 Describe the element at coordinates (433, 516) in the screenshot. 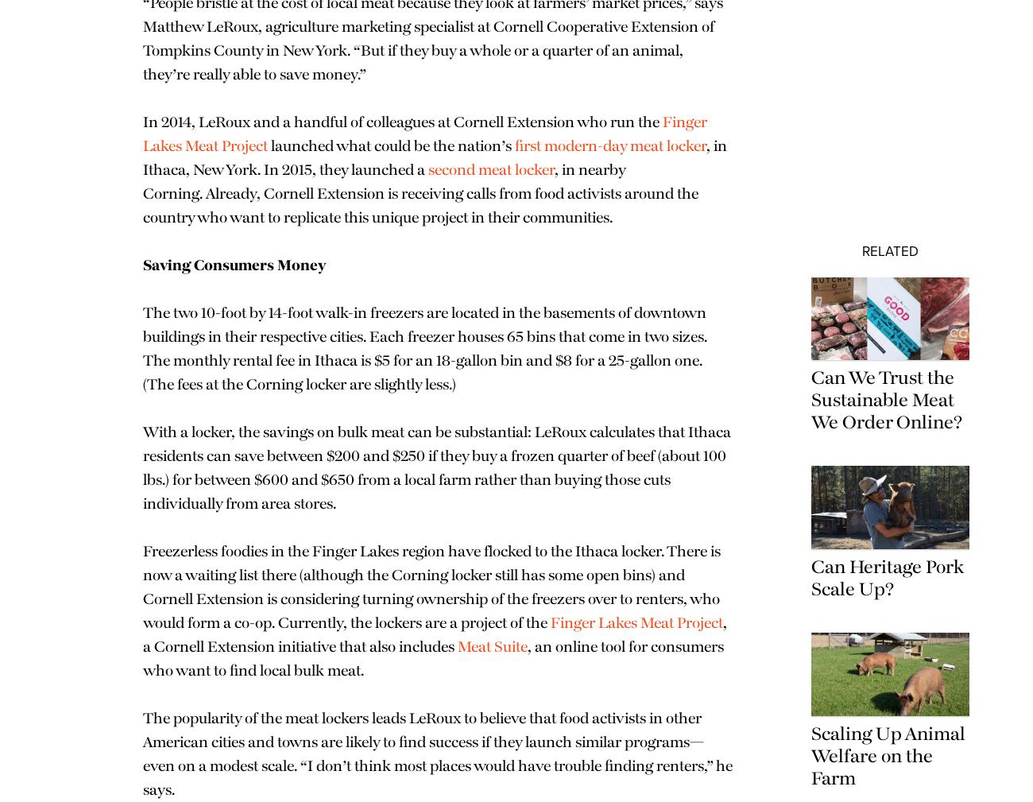

I see `'With a locker, the savings on bulk meat can be substantial: LeRoux calculates that Ithaca residents can save between $200 and $250 if they buy a frozen quarter of beef (about 100 lbs.) for between $600 and $650 from a local farm rather than buying those cuts individually from area stores.'` at that location.